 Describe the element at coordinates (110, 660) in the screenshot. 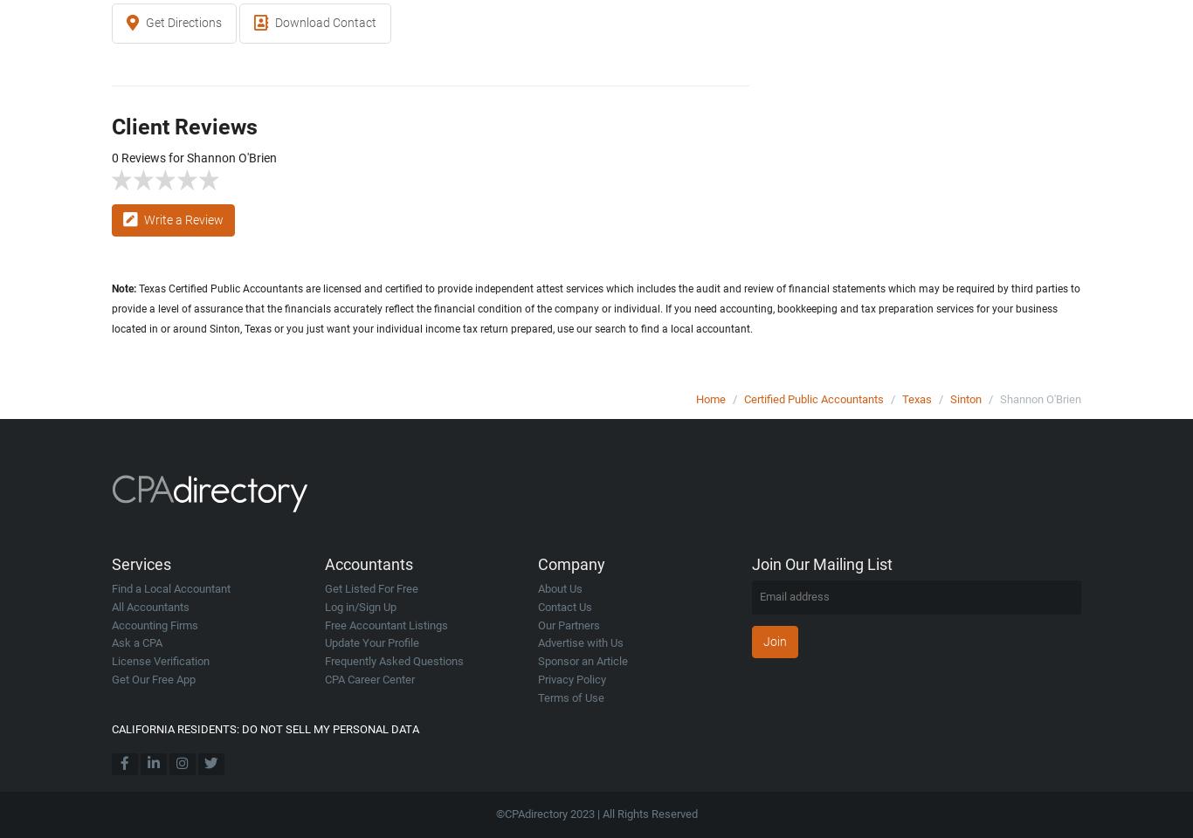

I see `'License Verification'` at that location.